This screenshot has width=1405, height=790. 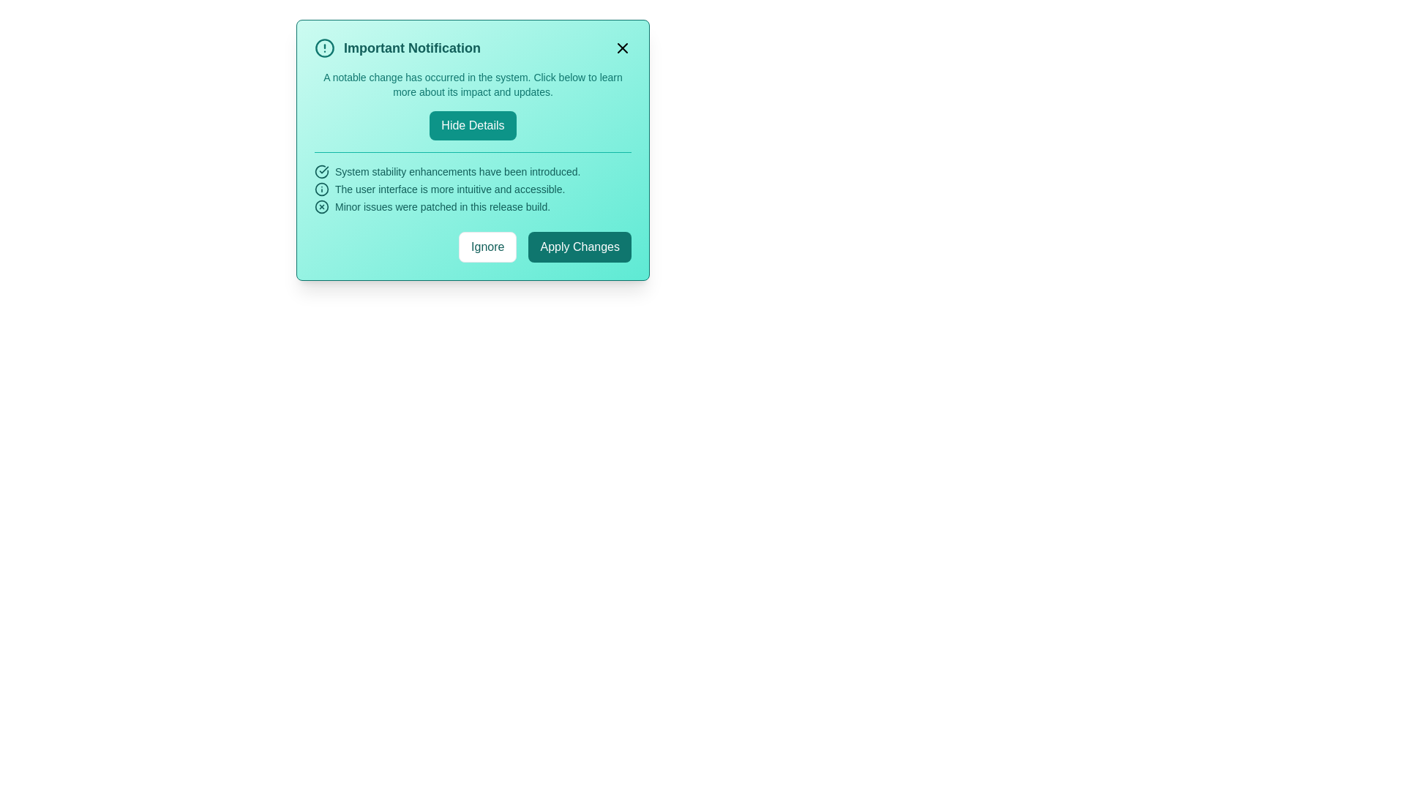 What do you see at coordinates (473, 47) in the screenshot?
I see `the text in the notification card header` at bounding box center [473, 47].